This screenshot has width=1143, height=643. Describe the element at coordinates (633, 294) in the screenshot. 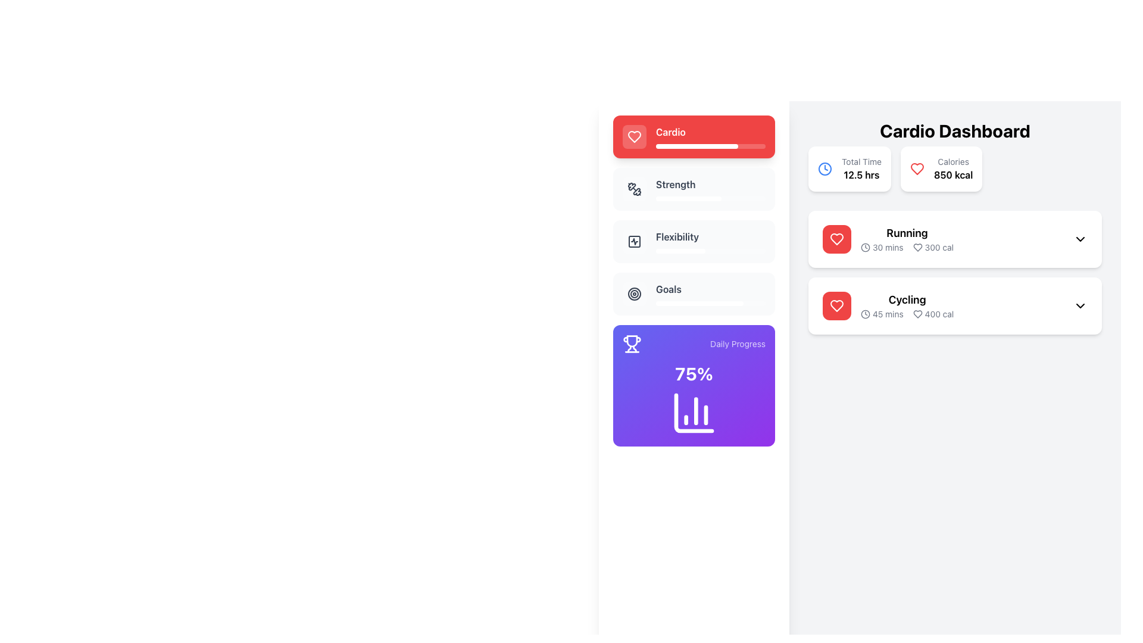

I see `the outermost circular shape of the multi-layered target icon located adjacent to the 'Goals' section in the sidebar` at that location.